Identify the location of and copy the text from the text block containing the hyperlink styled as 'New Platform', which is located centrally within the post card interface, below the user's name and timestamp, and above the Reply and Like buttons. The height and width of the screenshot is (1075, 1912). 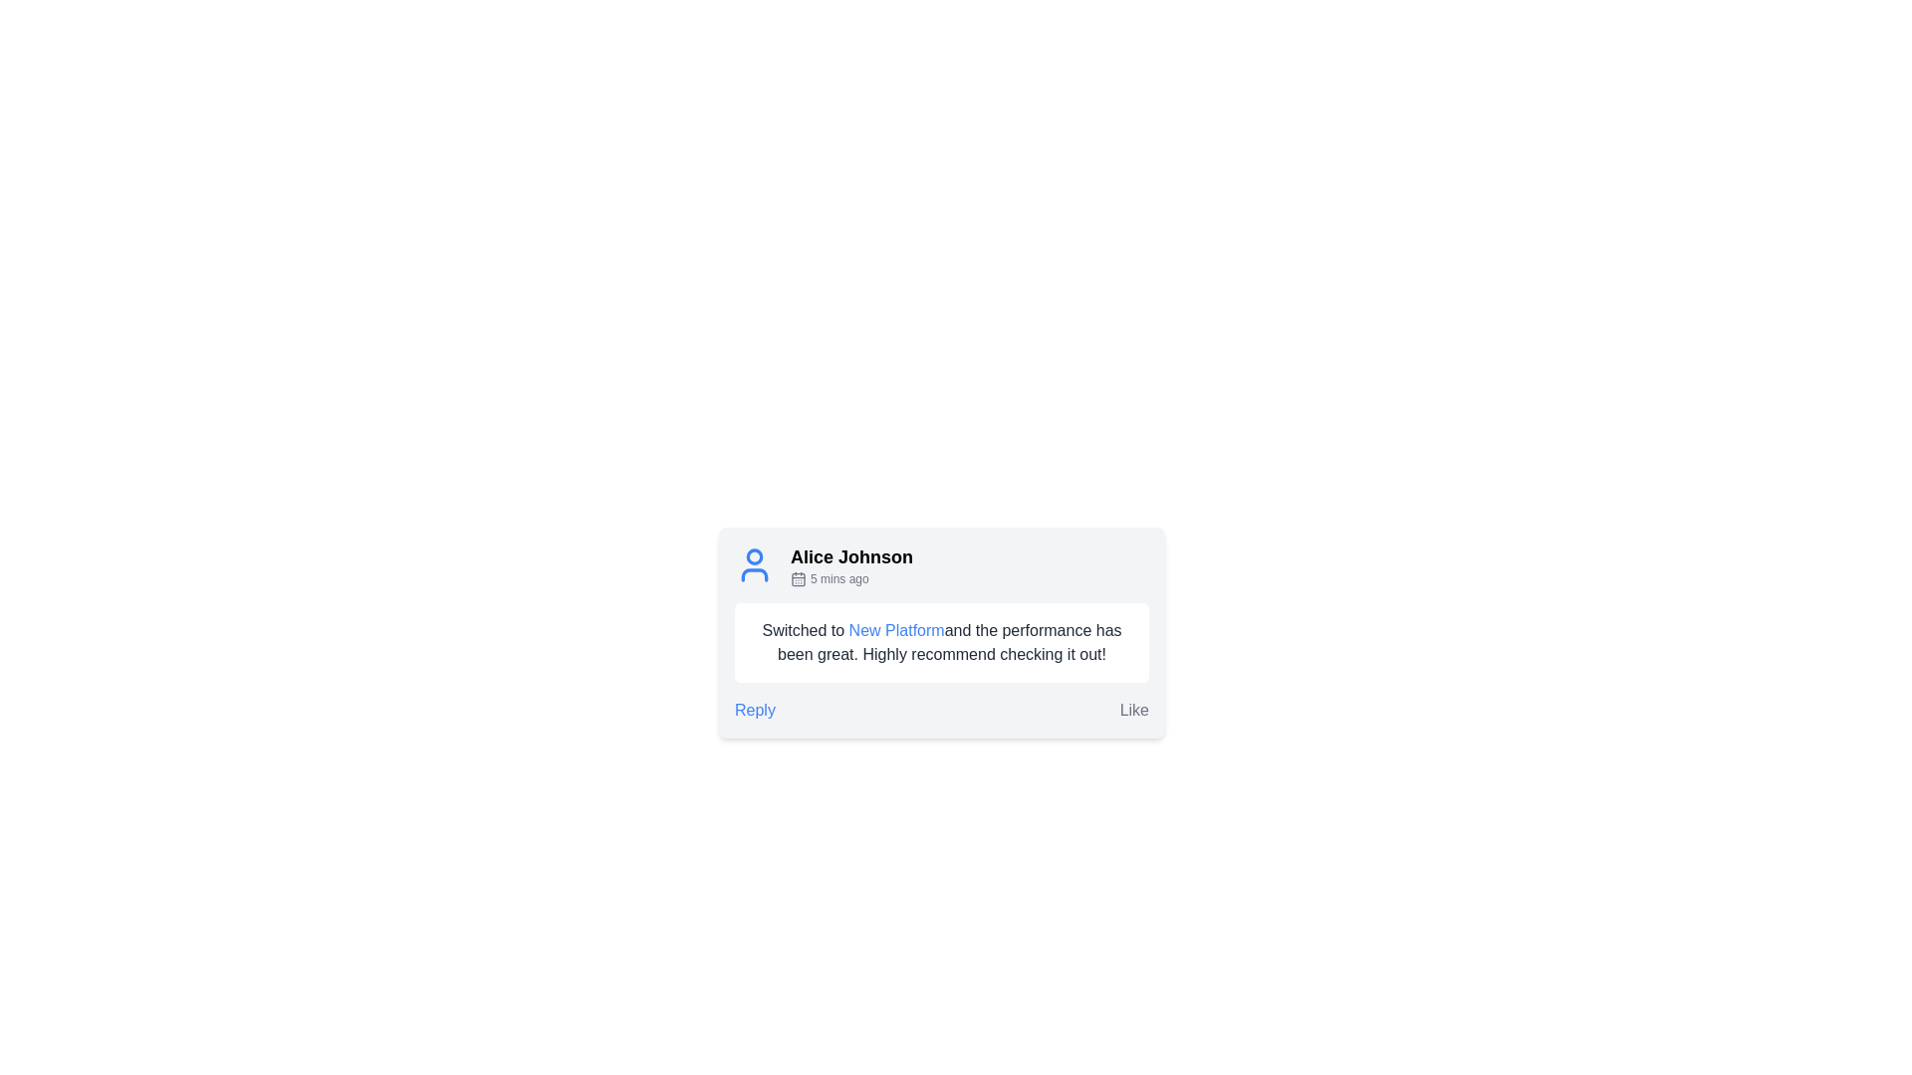
(940, 642).